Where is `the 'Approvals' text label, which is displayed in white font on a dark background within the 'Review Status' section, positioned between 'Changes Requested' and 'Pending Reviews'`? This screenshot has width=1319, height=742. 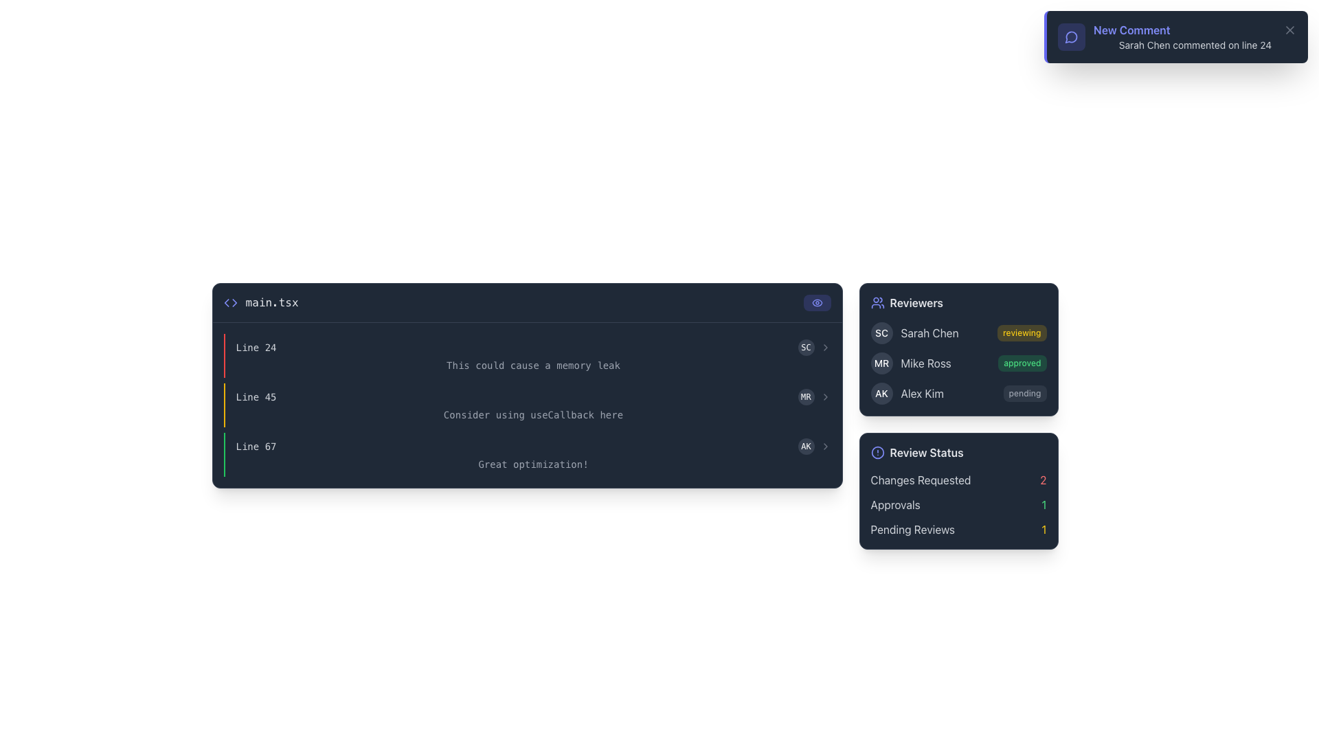 the 'Approvals' text label, which is displayed in white font on a dark background within the 'Review Status' section, positioned between 'Changes Requested' and 'Pending Reviews' is located at coordinates (895, 505).